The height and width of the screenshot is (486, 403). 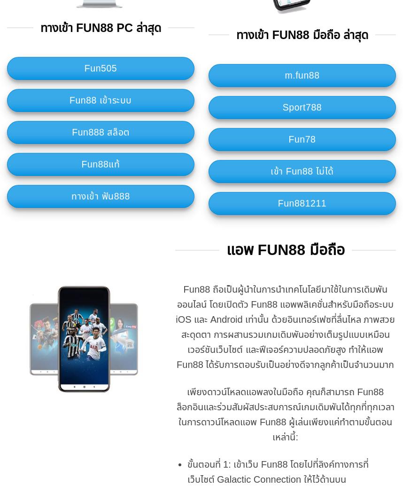 I want to click on 'แอพ Fun88 มือถือ', so click(x=285, y=249).